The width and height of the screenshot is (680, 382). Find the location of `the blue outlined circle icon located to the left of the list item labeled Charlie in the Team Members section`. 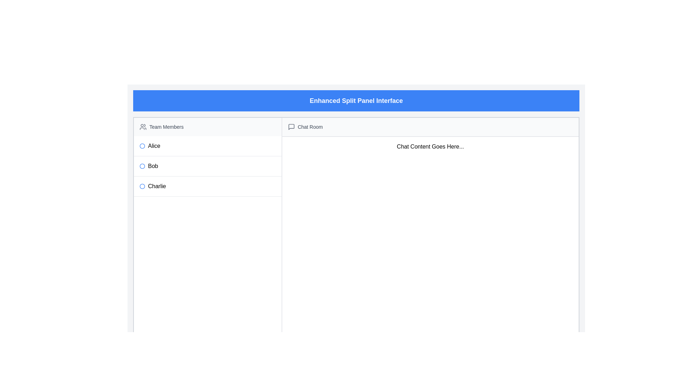

the blue outlined circle icon located to the left of the list item labeled Charlie in the Team Members section is located at coordinates (142, 186).